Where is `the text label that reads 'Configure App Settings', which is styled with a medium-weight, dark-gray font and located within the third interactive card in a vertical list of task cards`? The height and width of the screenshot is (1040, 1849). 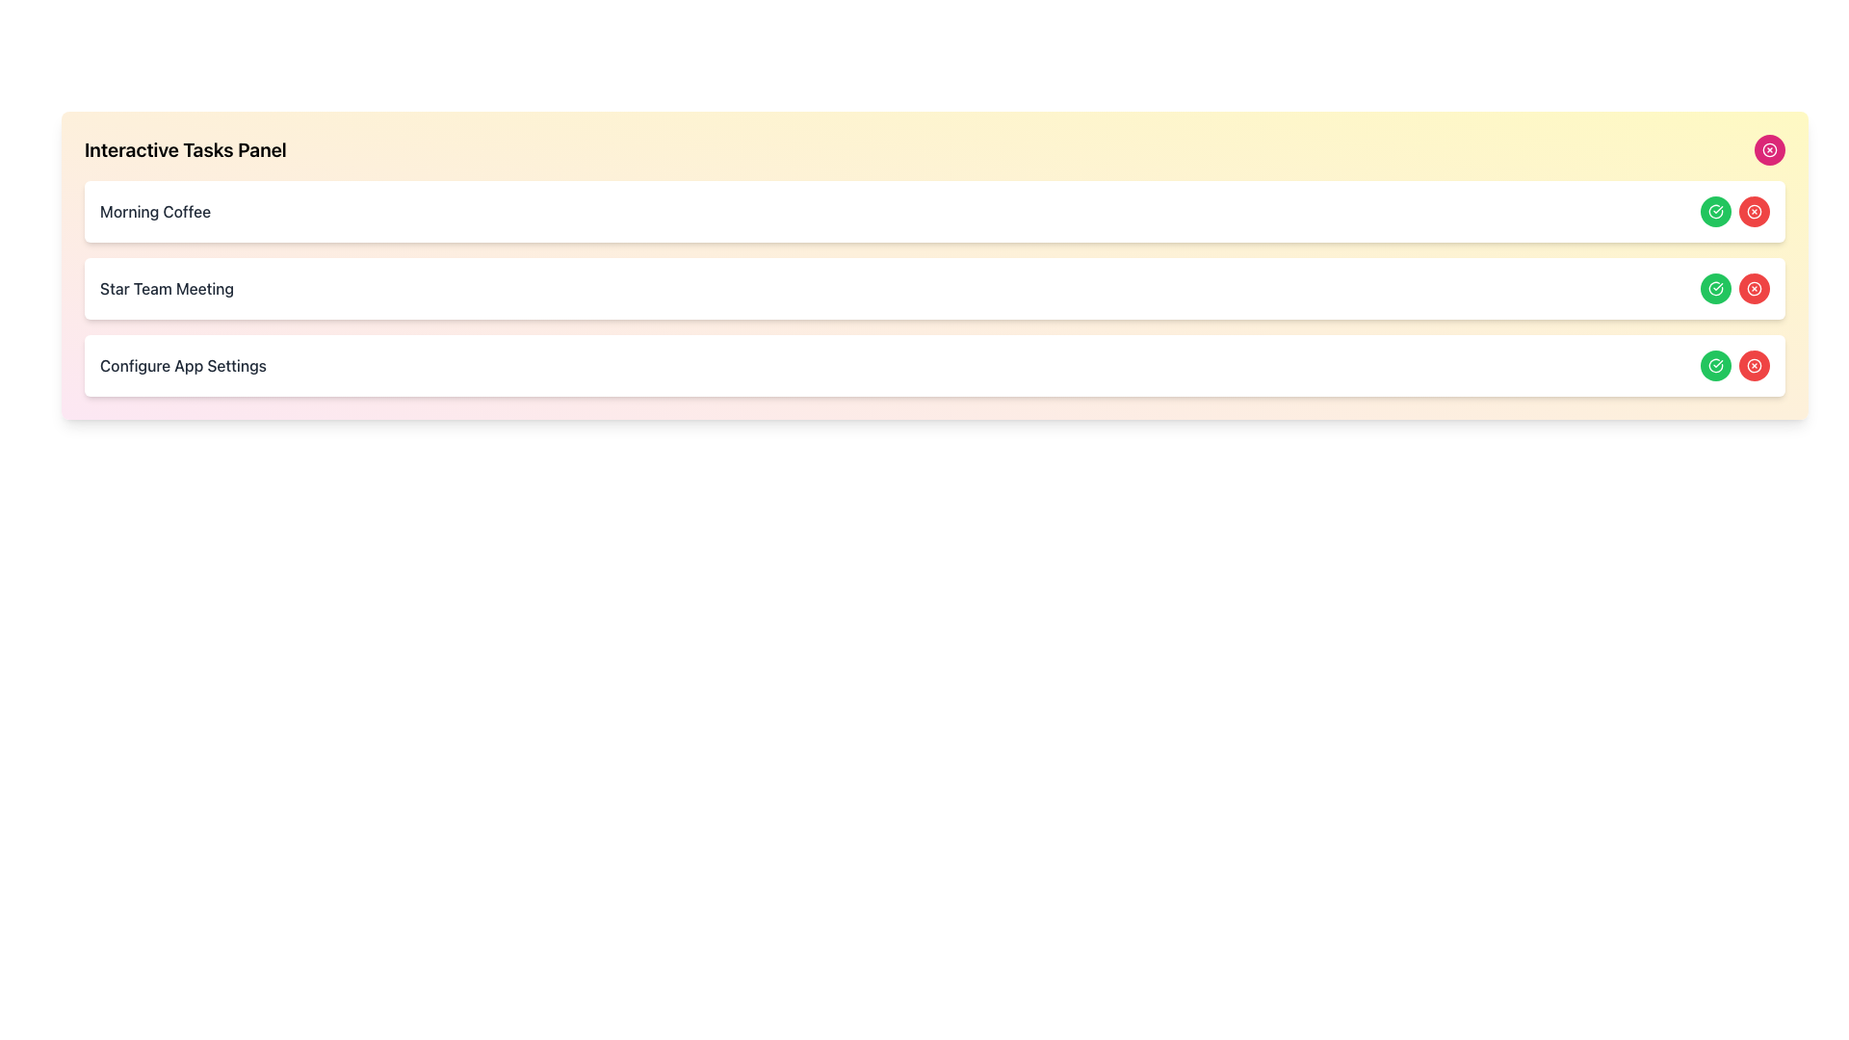
the text label that reads 'Configure App Settings', which is styled with a medium-weight, dark-gray font and located within the third interactive card in a vertical list of task cards is located at coordinates (183, 366).